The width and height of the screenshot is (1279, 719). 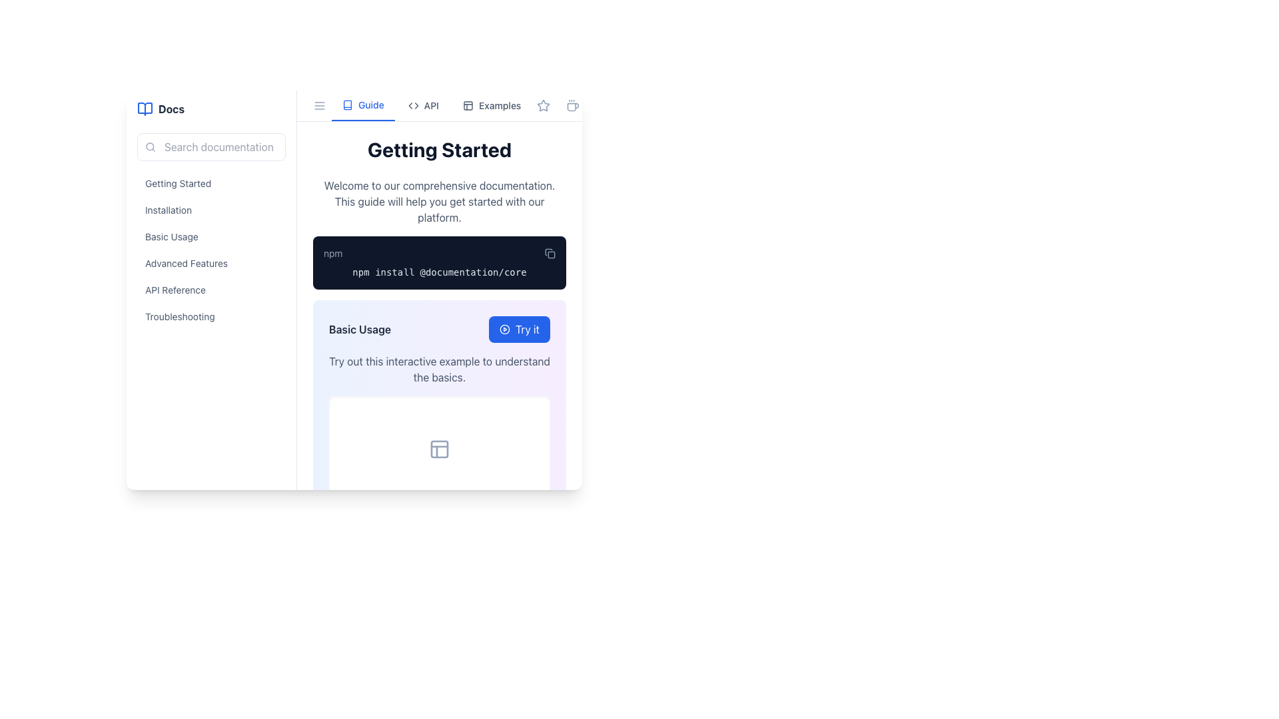 What do you see at coordinates (145, 109) in the screenshot?
I see `the blue book icon located in the sidebar, which features a minimalistic outline design and is positioned to the left of the text 'Docs'` at bounding box center [145, 109].